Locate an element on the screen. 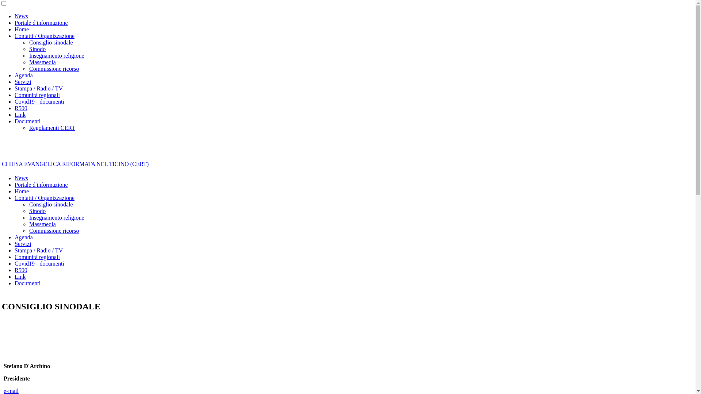  'News' is located at coordinates (21, 178).